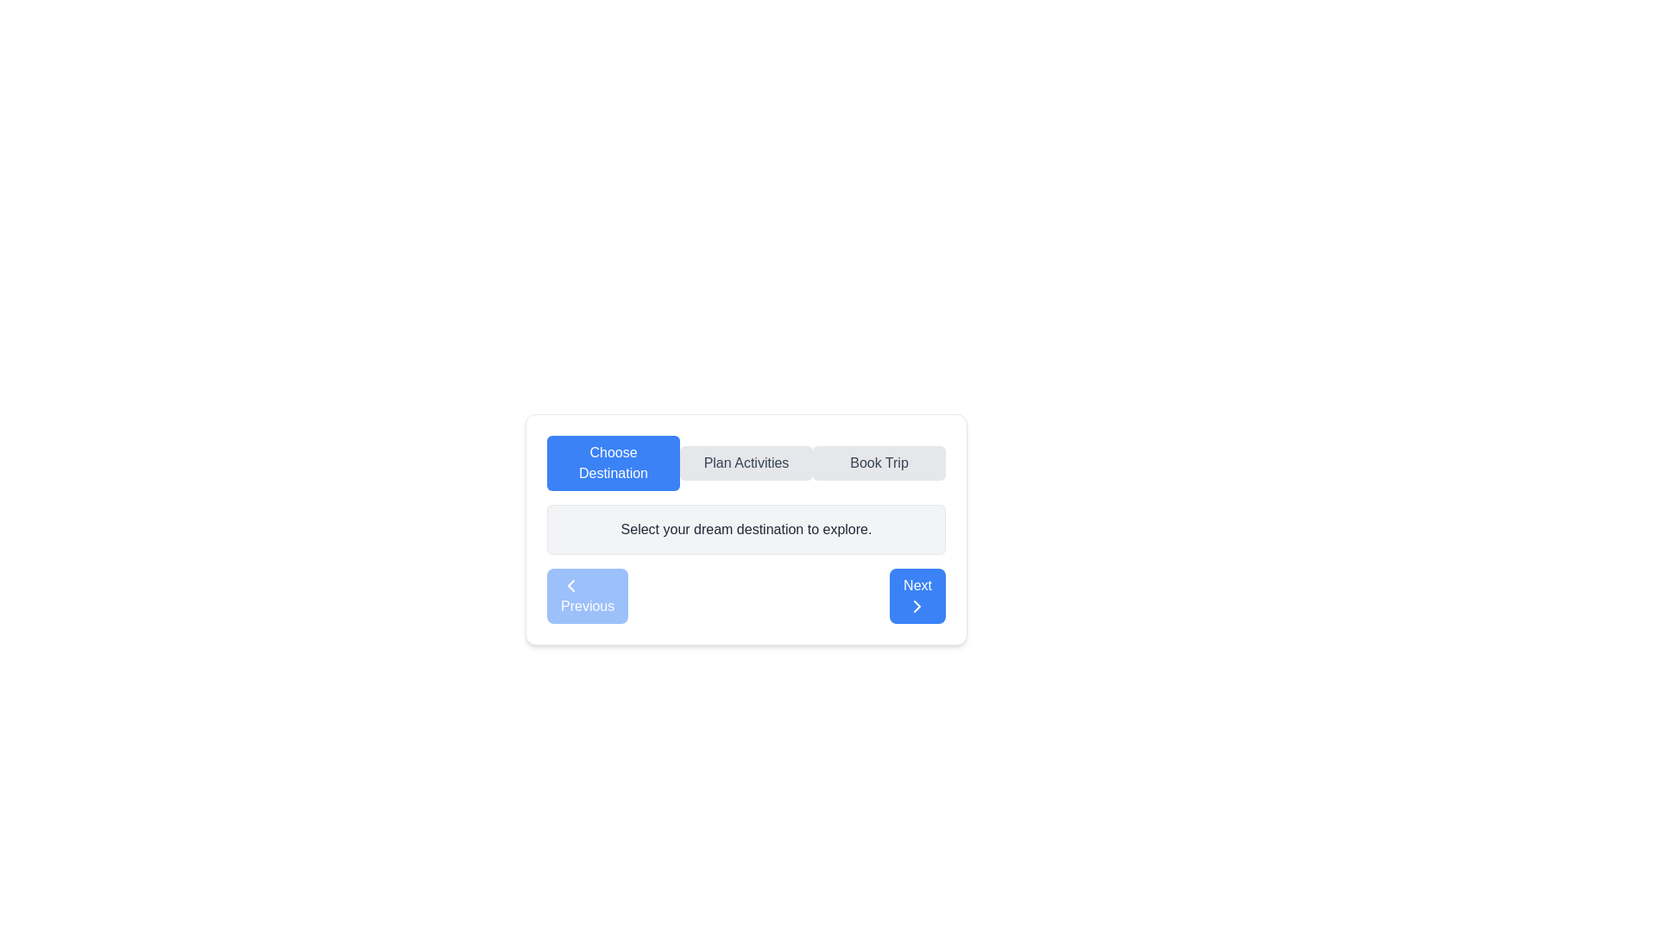  Describe the element at coordinates (746, 462) in the screenshot. I see `the centrally located button group that allows navigation through the trip planning process` at that location.